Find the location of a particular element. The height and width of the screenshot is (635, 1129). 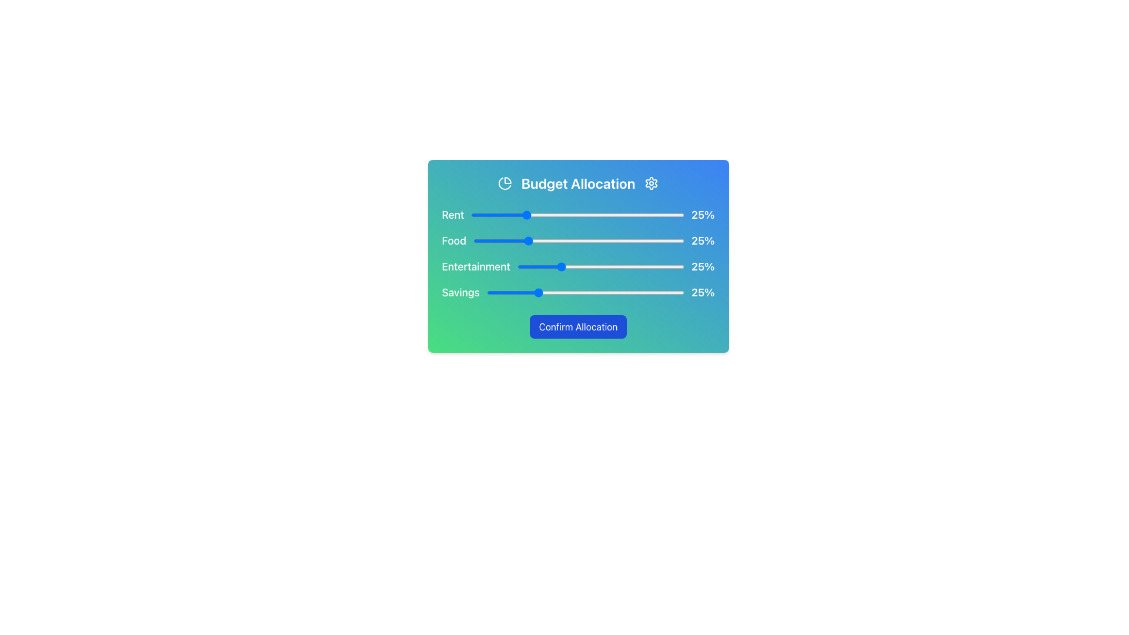

the slider value is located at coordinates (547, 215).